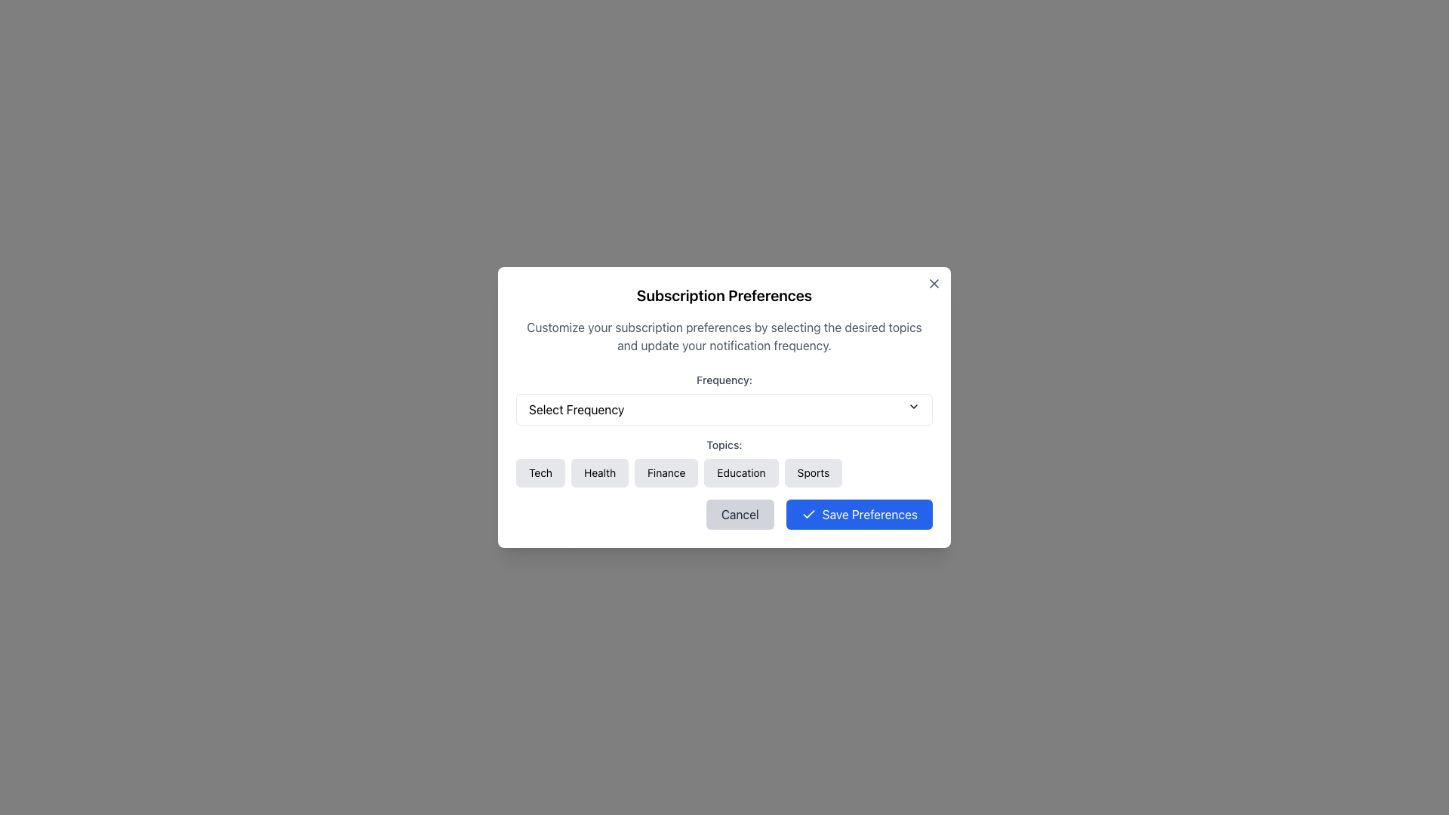 The height and width of the screenshot is (815, 1449). Describe the element at coordinates (934, 283) in the screenshot. I see `the close icon represented by a diagonal cross at the top-right corner of the 'Subscription Preferences' dialog` at that location.